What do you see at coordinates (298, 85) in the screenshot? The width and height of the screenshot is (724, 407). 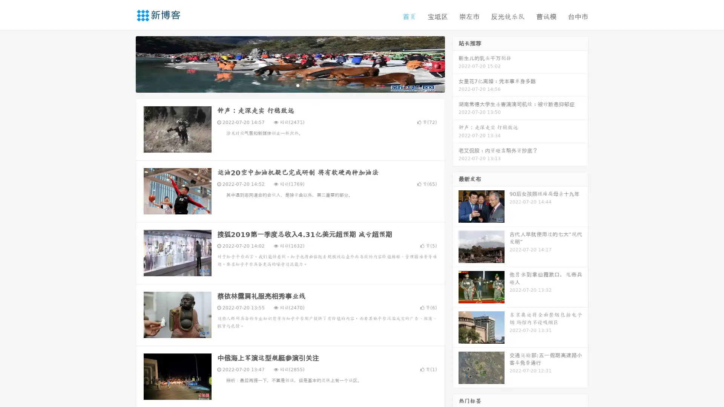 I see `Go to slide 3` at bounding box center [298, 85].